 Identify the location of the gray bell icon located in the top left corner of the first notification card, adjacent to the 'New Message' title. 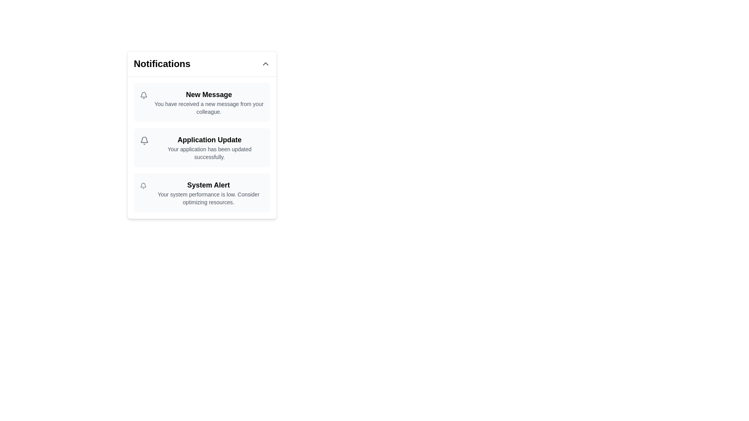
(144, 95).